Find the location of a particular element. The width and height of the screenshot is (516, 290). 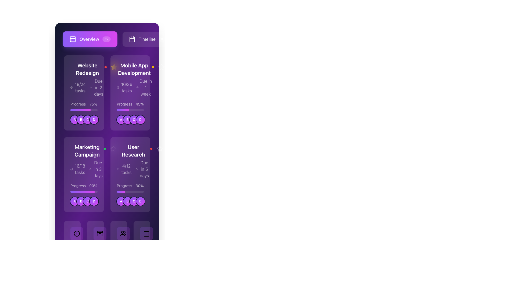

the trash IconButton located in the bottom navigation area is located at coordinates (95, 247).